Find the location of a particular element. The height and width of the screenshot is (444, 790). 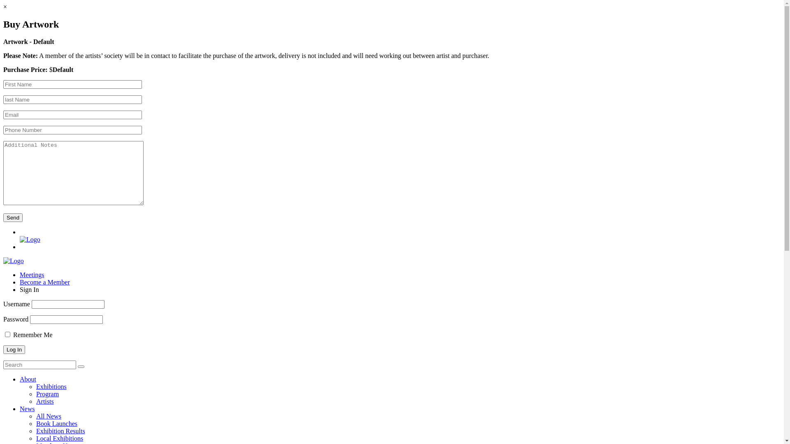

'Book Launches' is located at coordinates (56, 423).